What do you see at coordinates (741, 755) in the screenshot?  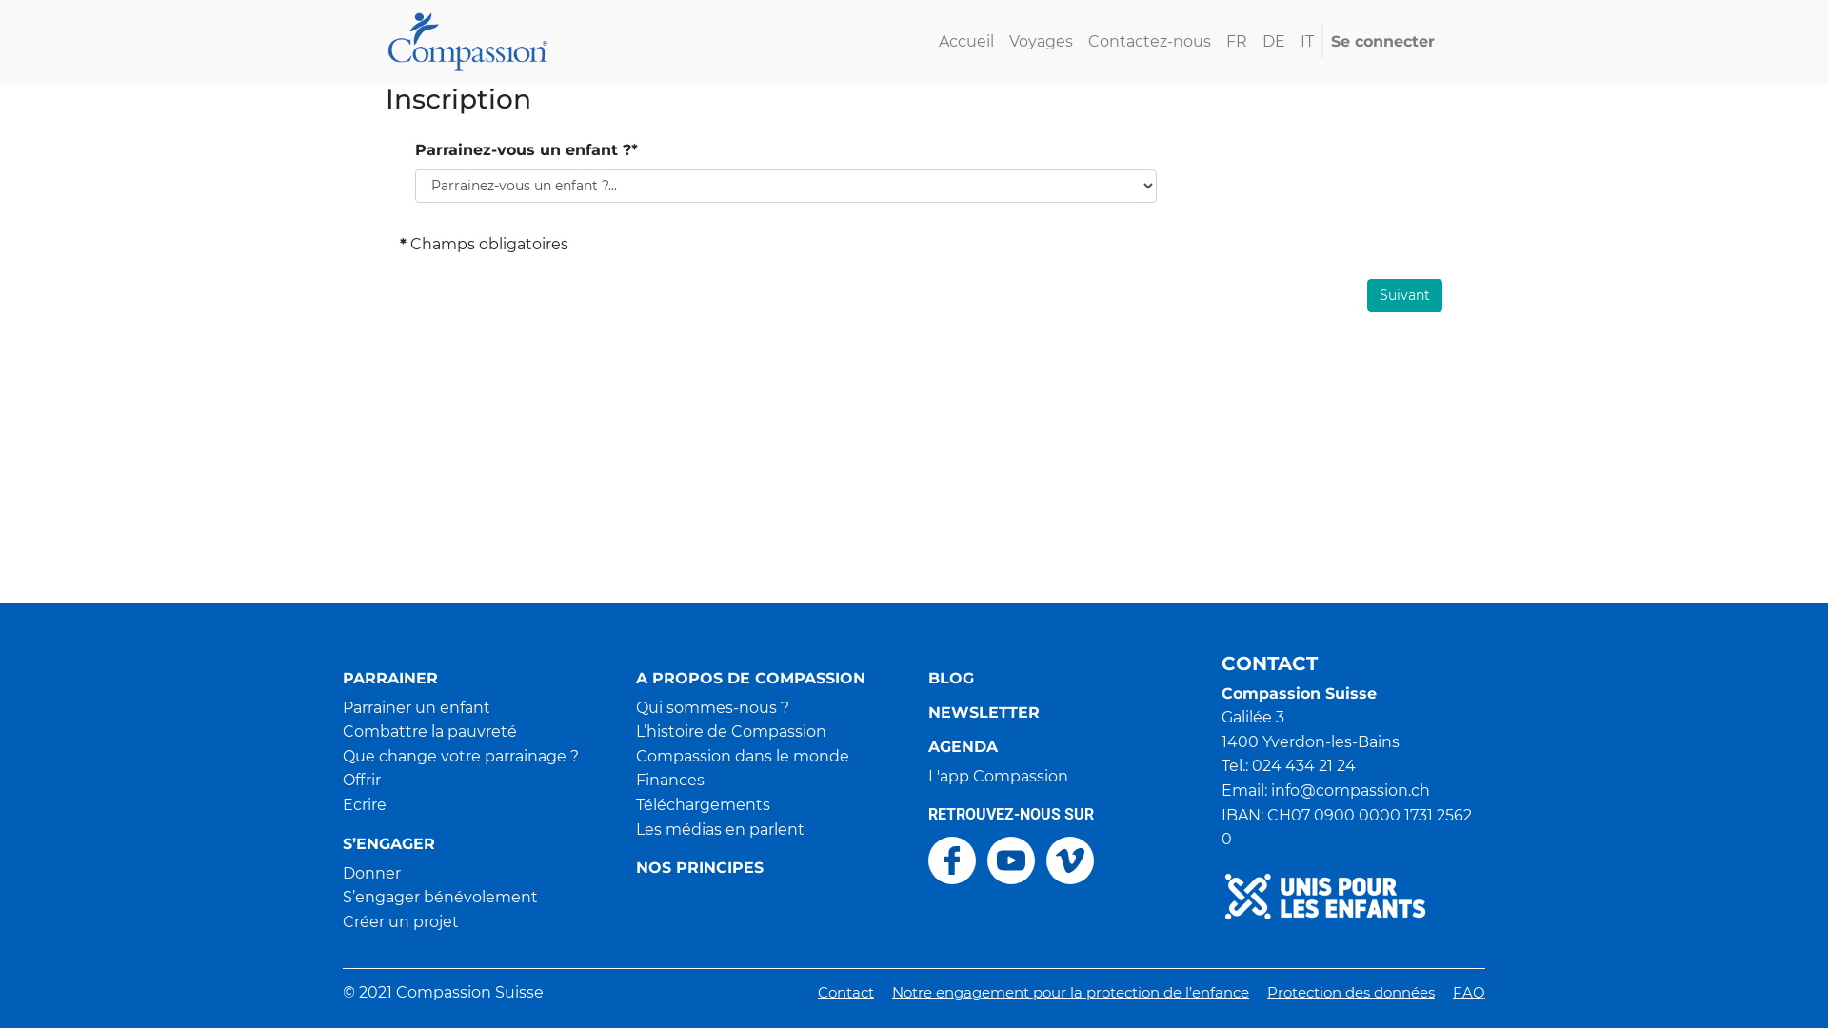 I see `'Compassion dans le monde'` at bounding box center [741, 755].